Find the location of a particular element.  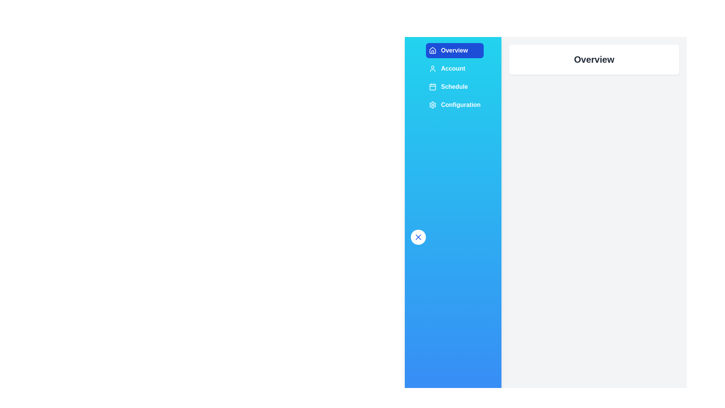

the sidebar section labeled Configuration is located at coordinates (454, 105).